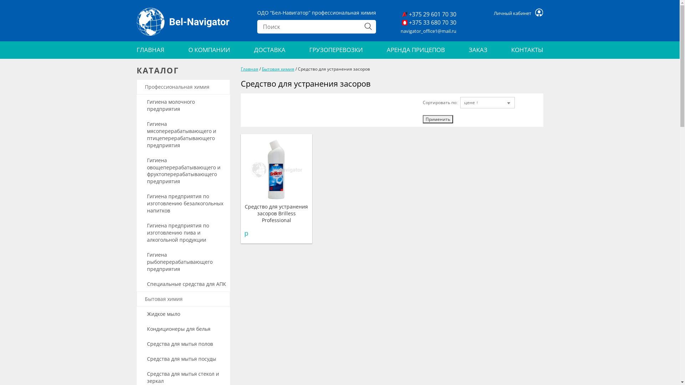 The width and height of the screenshot is (685, 385). I want to click on ' +375 29 601 70 30', so click(429, 14).